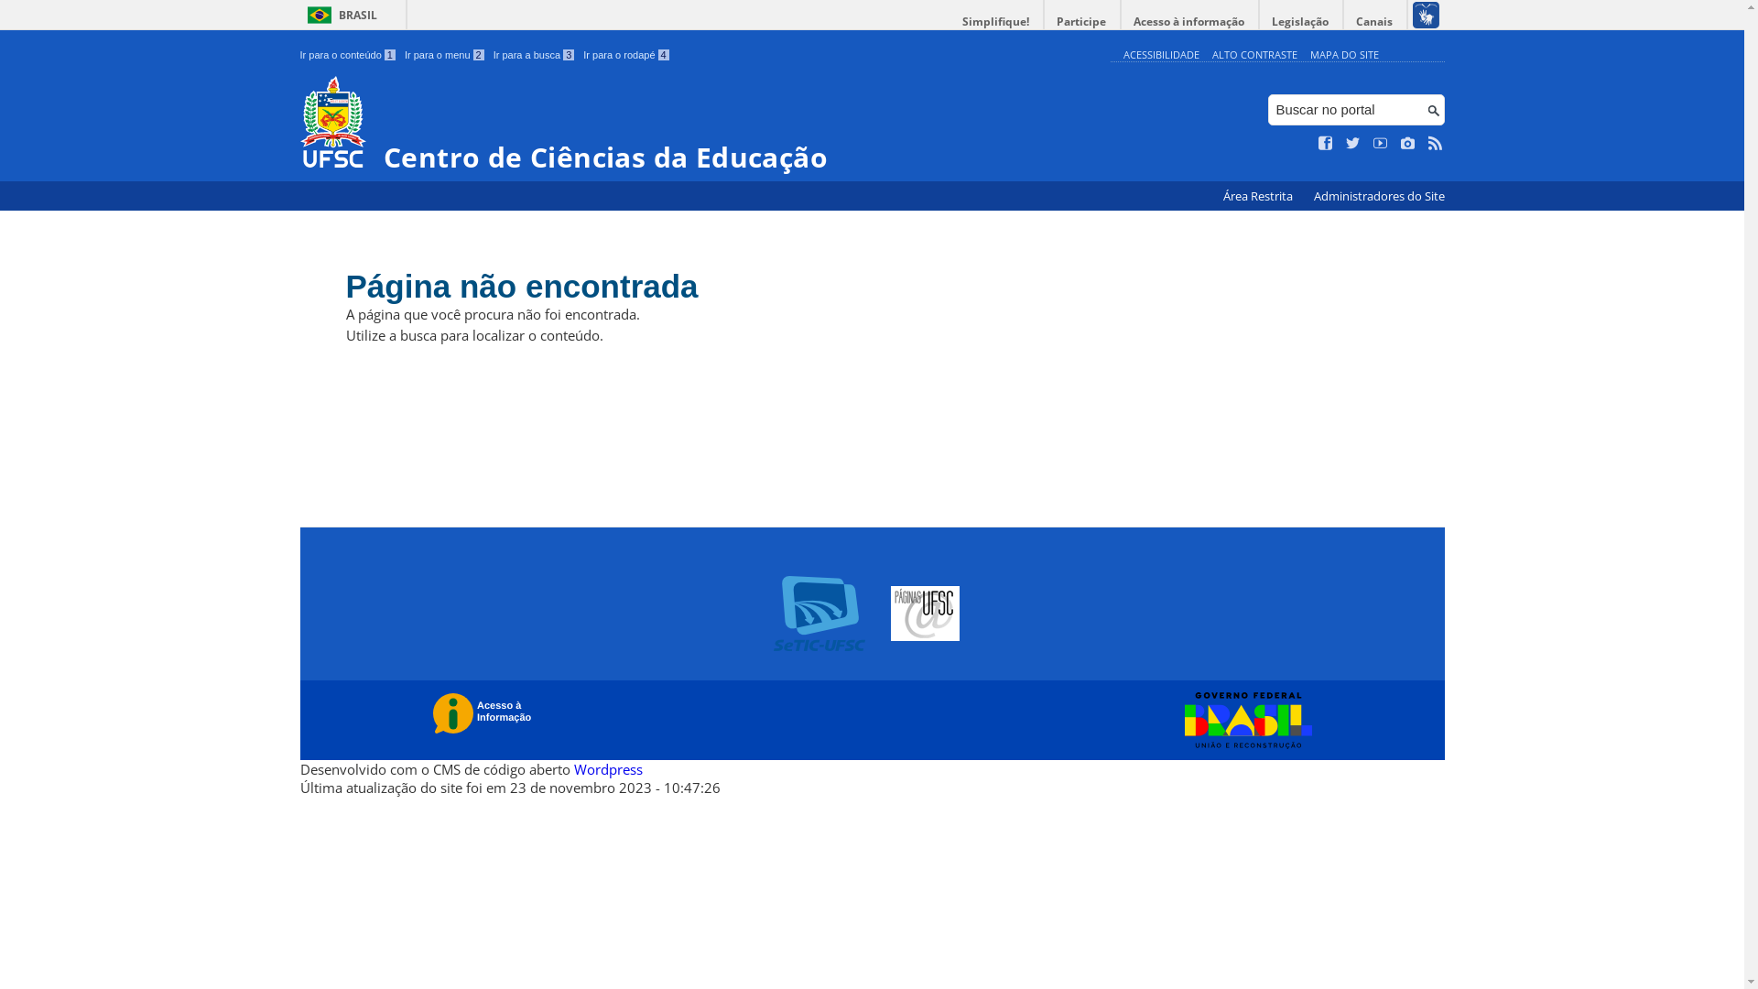 This screenshot has width=1758, height=989. Describe the element at coordinates (571, 769) in the screenshot. I see `'Wordpress'` at that location.